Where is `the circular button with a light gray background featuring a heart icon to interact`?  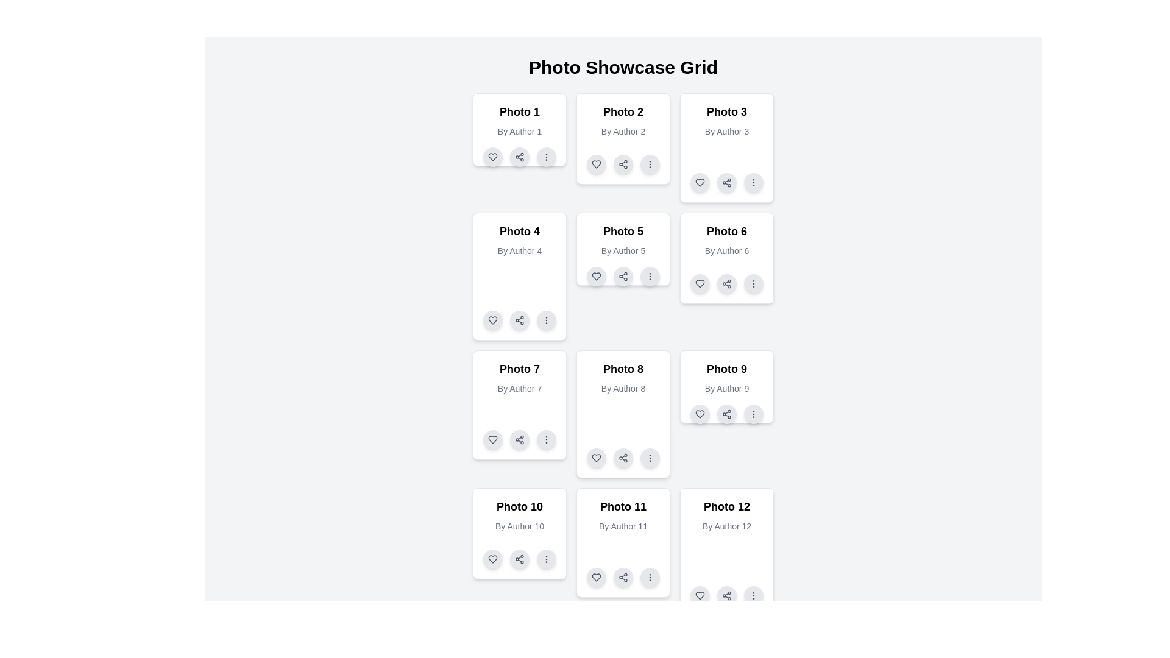 the circular button with a light gray background featuring a heart icon to interact is located at coordinates (493, 559).